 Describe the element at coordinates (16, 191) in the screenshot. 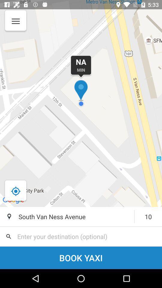

I see `the button which is above the south van ness avenue` at that location.